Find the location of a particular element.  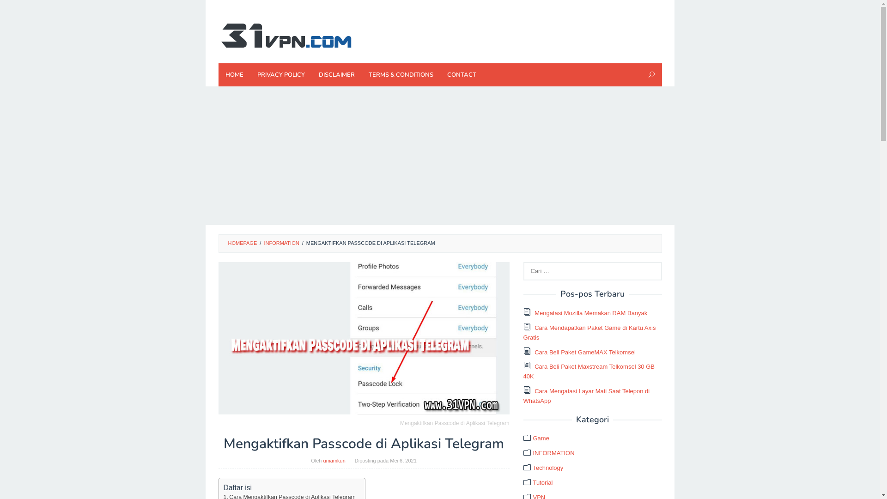

'INFORMATION' is located at coordinates (554, 452).